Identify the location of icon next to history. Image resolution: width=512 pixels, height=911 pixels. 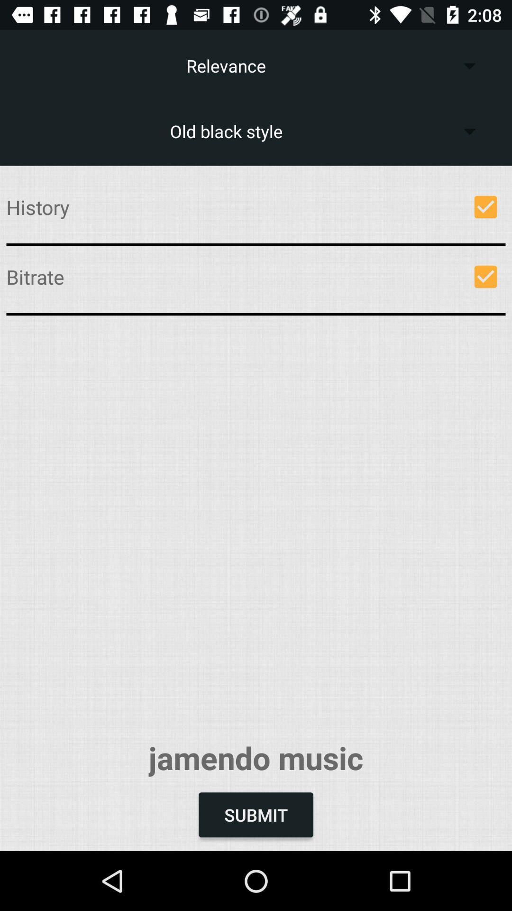
(485, 206).